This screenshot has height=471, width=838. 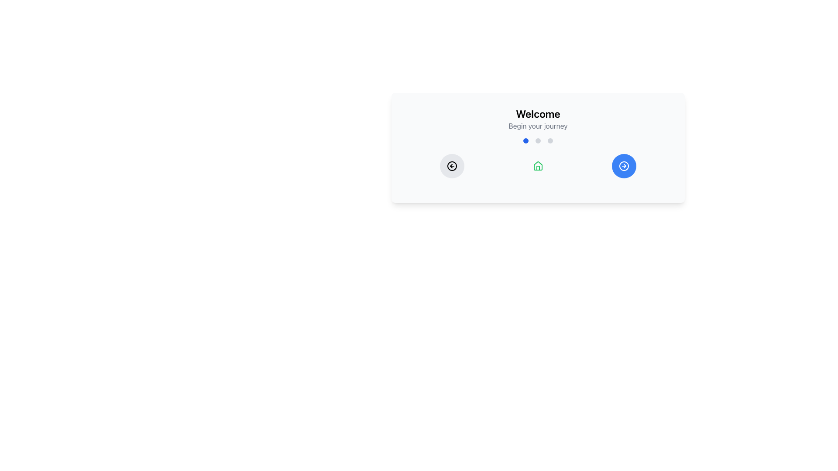 I want to click on the descriptive text element located directly underneath the 'Welcome' heading, which provides guiding messages to users, so click(x=538, y=126).